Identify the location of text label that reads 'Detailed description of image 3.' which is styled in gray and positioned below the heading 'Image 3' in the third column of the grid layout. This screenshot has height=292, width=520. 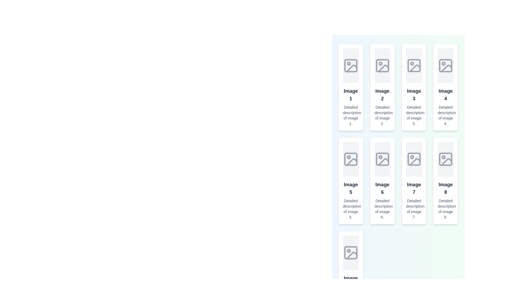
(414, 115).